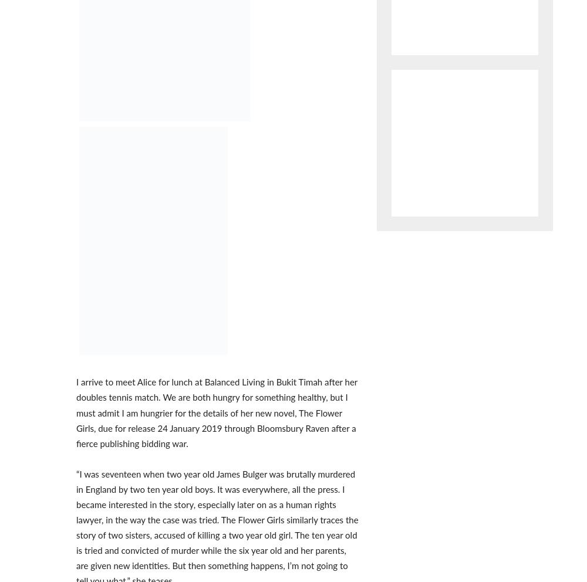 The width and height of the screenshot is (587, 582). Describe the element at coordinates (115, 70) in the screenshot. I see `'RELATED ARTICLES'` at that location.